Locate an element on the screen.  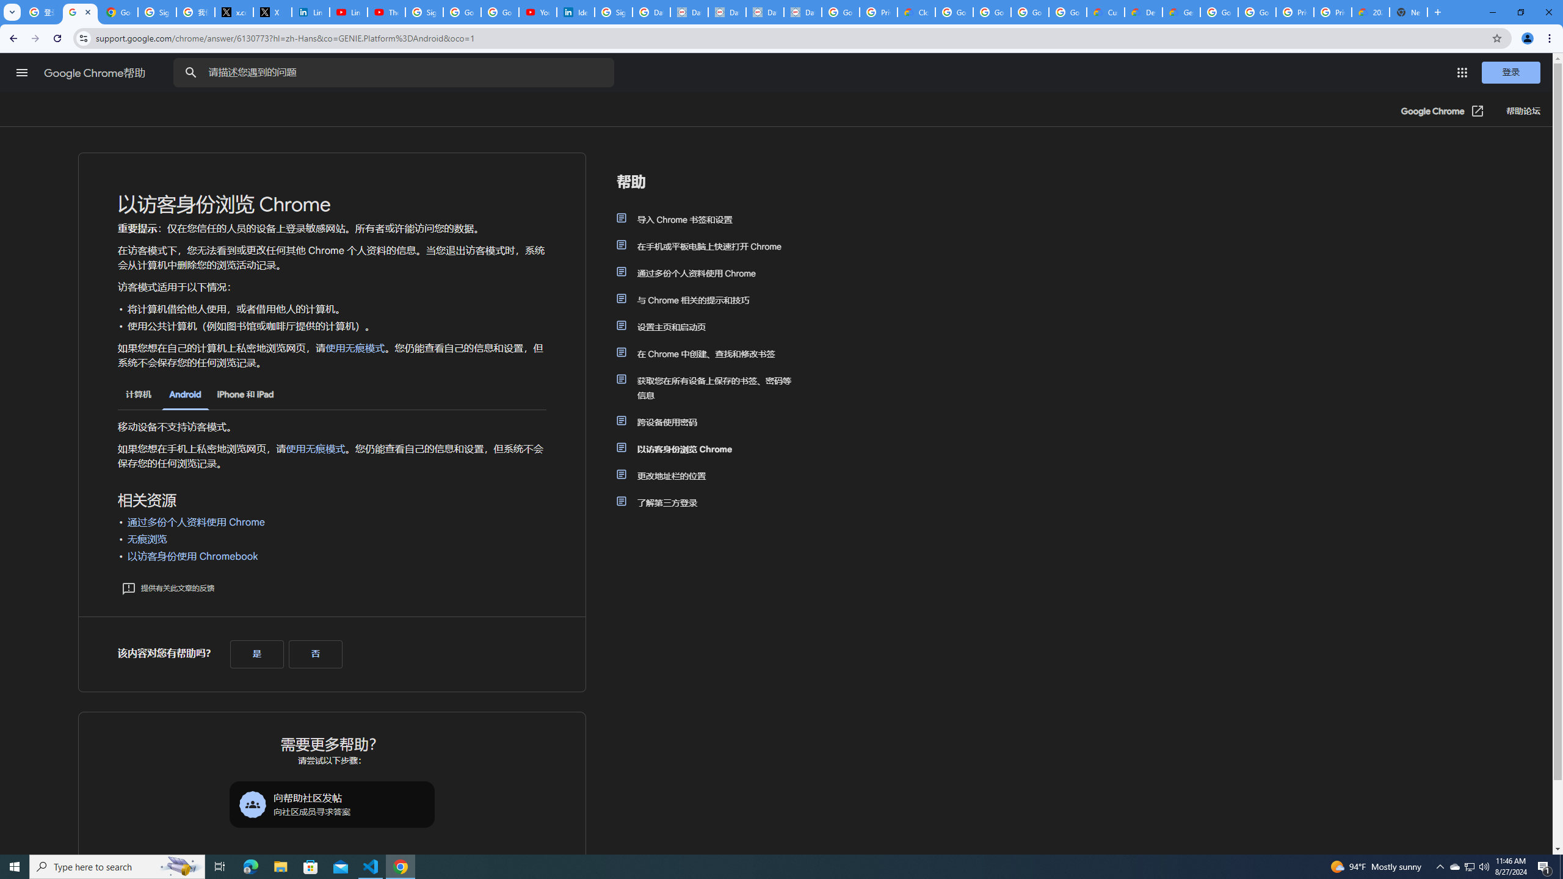
'Google Workspace - Specific Terms' is located at coordinates (1030, 12).